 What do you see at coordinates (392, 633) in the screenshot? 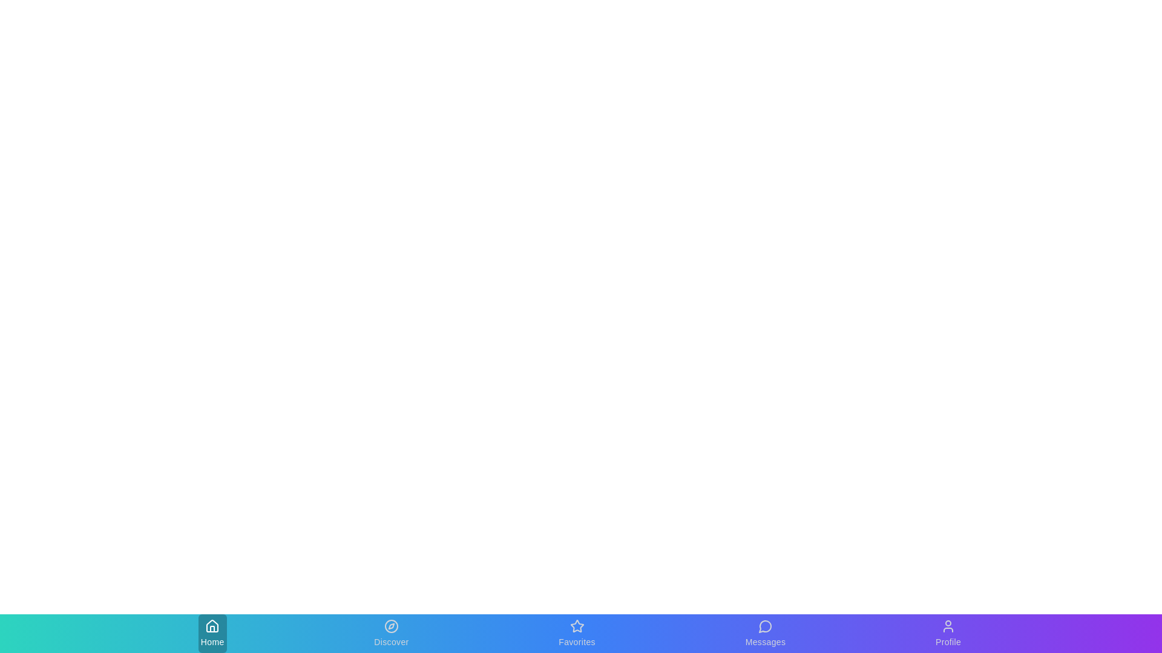
I see `the Discover tab in the bottom navigation bar` at bounding box center [392, 633].